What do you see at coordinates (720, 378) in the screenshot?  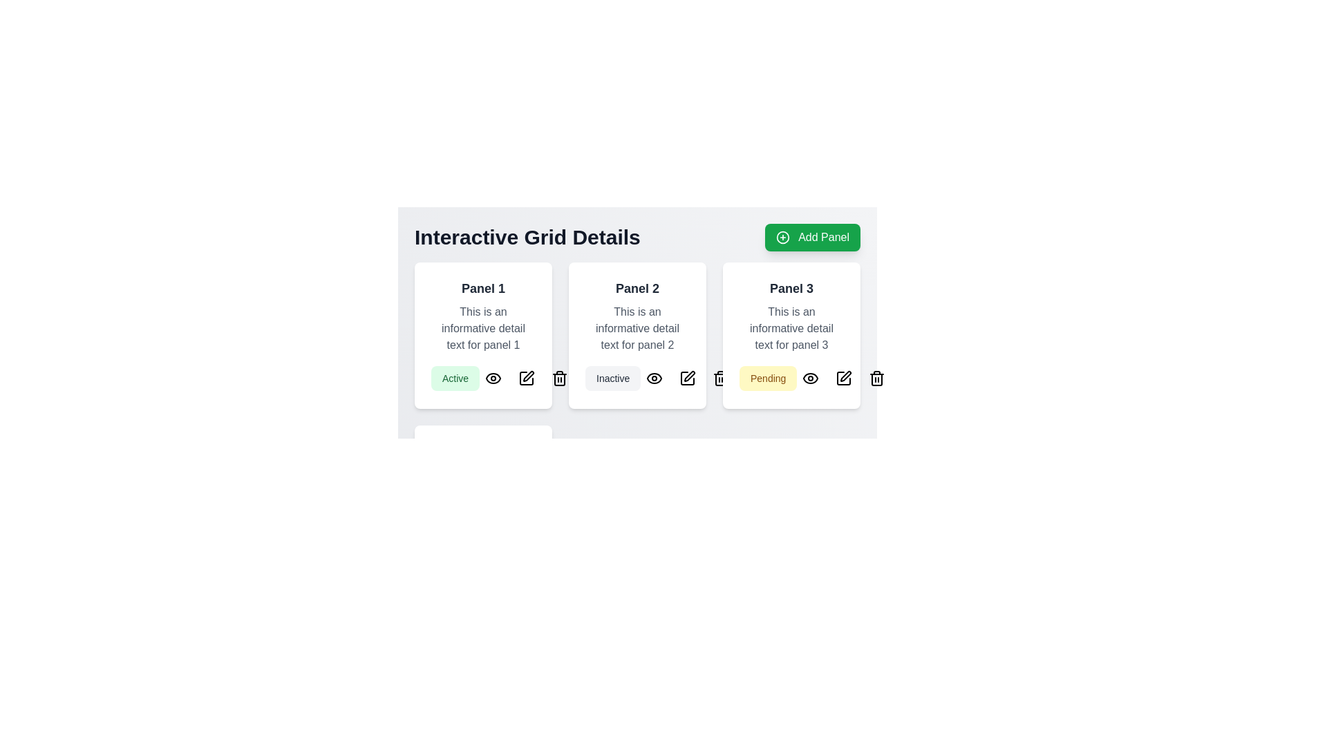 I see `the icon button located in the toolbar beneath 'Panel 3'` at bounding box center [720, 378].